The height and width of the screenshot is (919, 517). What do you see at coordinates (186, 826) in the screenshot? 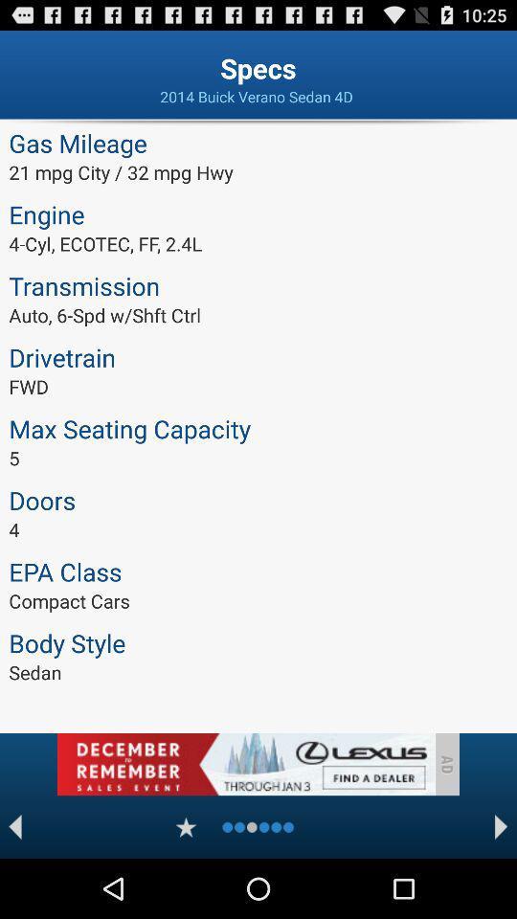
I see `starre` at bounding box center [186, 826].